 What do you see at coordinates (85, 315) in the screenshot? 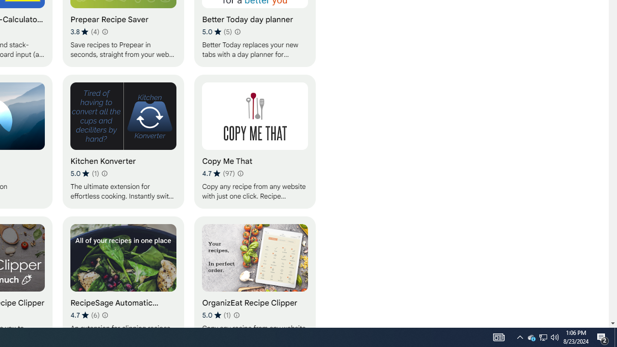
I see `'Average rating 4.7 out of 5 stars. 6 ratings.'` at bounding box center [85, 315].